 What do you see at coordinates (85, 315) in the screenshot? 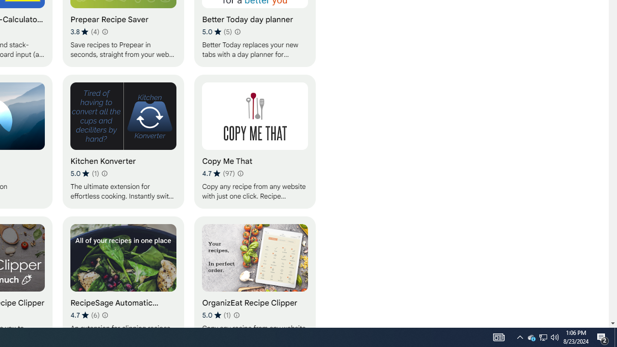
I see `'Average rating 4.7 out of 5 stars. 6 ratings.'` at bounding box center [85, 315].